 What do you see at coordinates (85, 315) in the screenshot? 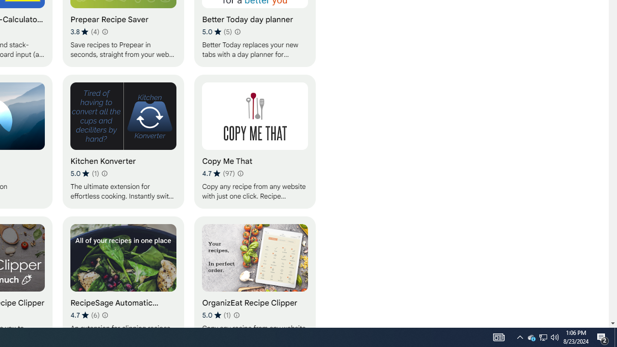
I see `'Average rating 4.7 out of 5 stars. 6 ratings.'` at bounding box center [85, 315].